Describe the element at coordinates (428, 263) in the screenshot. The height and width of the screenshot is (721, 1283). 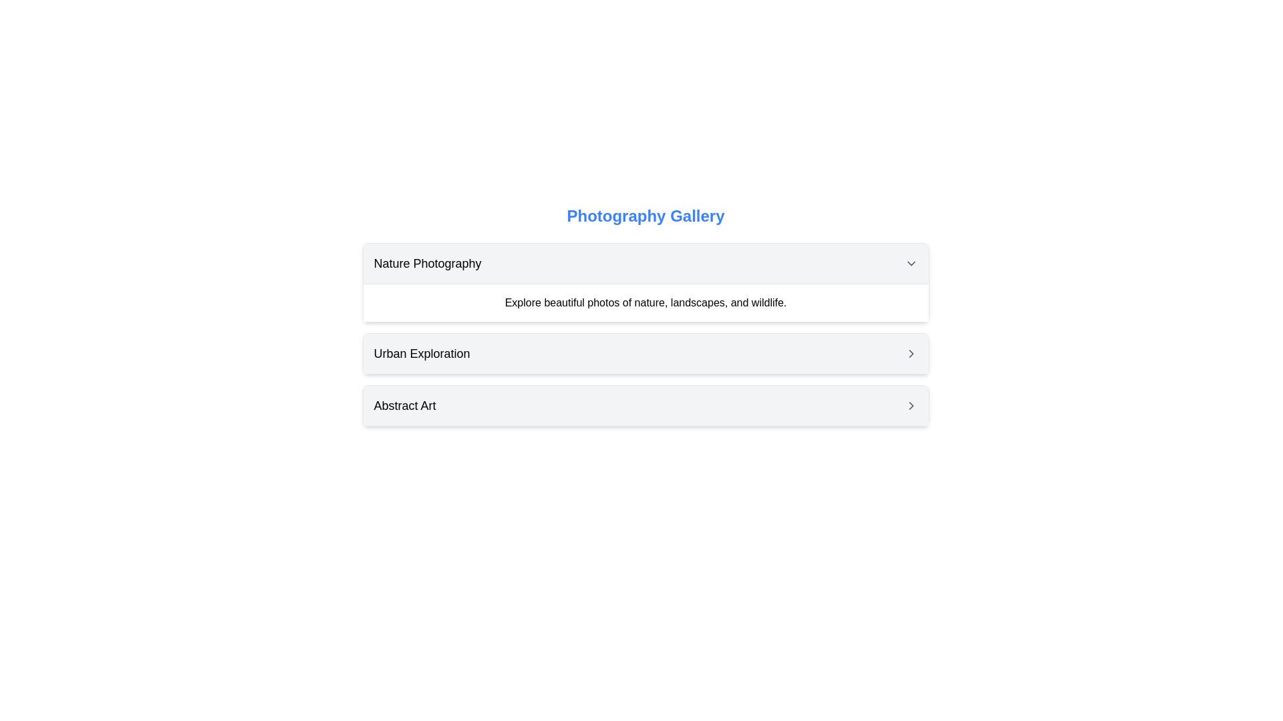
I see `the 'Nature Photography' text label, which is located in a gray-colored bar styled as a clickable option` at that location.